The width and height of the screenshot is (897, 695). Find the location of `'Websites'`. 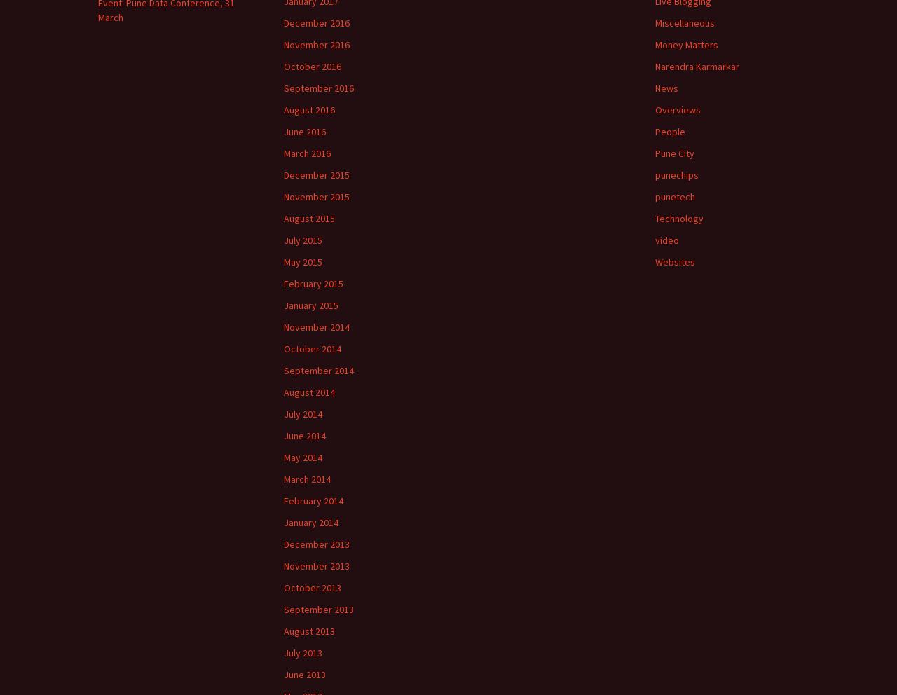

'Websites' is located at coordinates (655, 261).